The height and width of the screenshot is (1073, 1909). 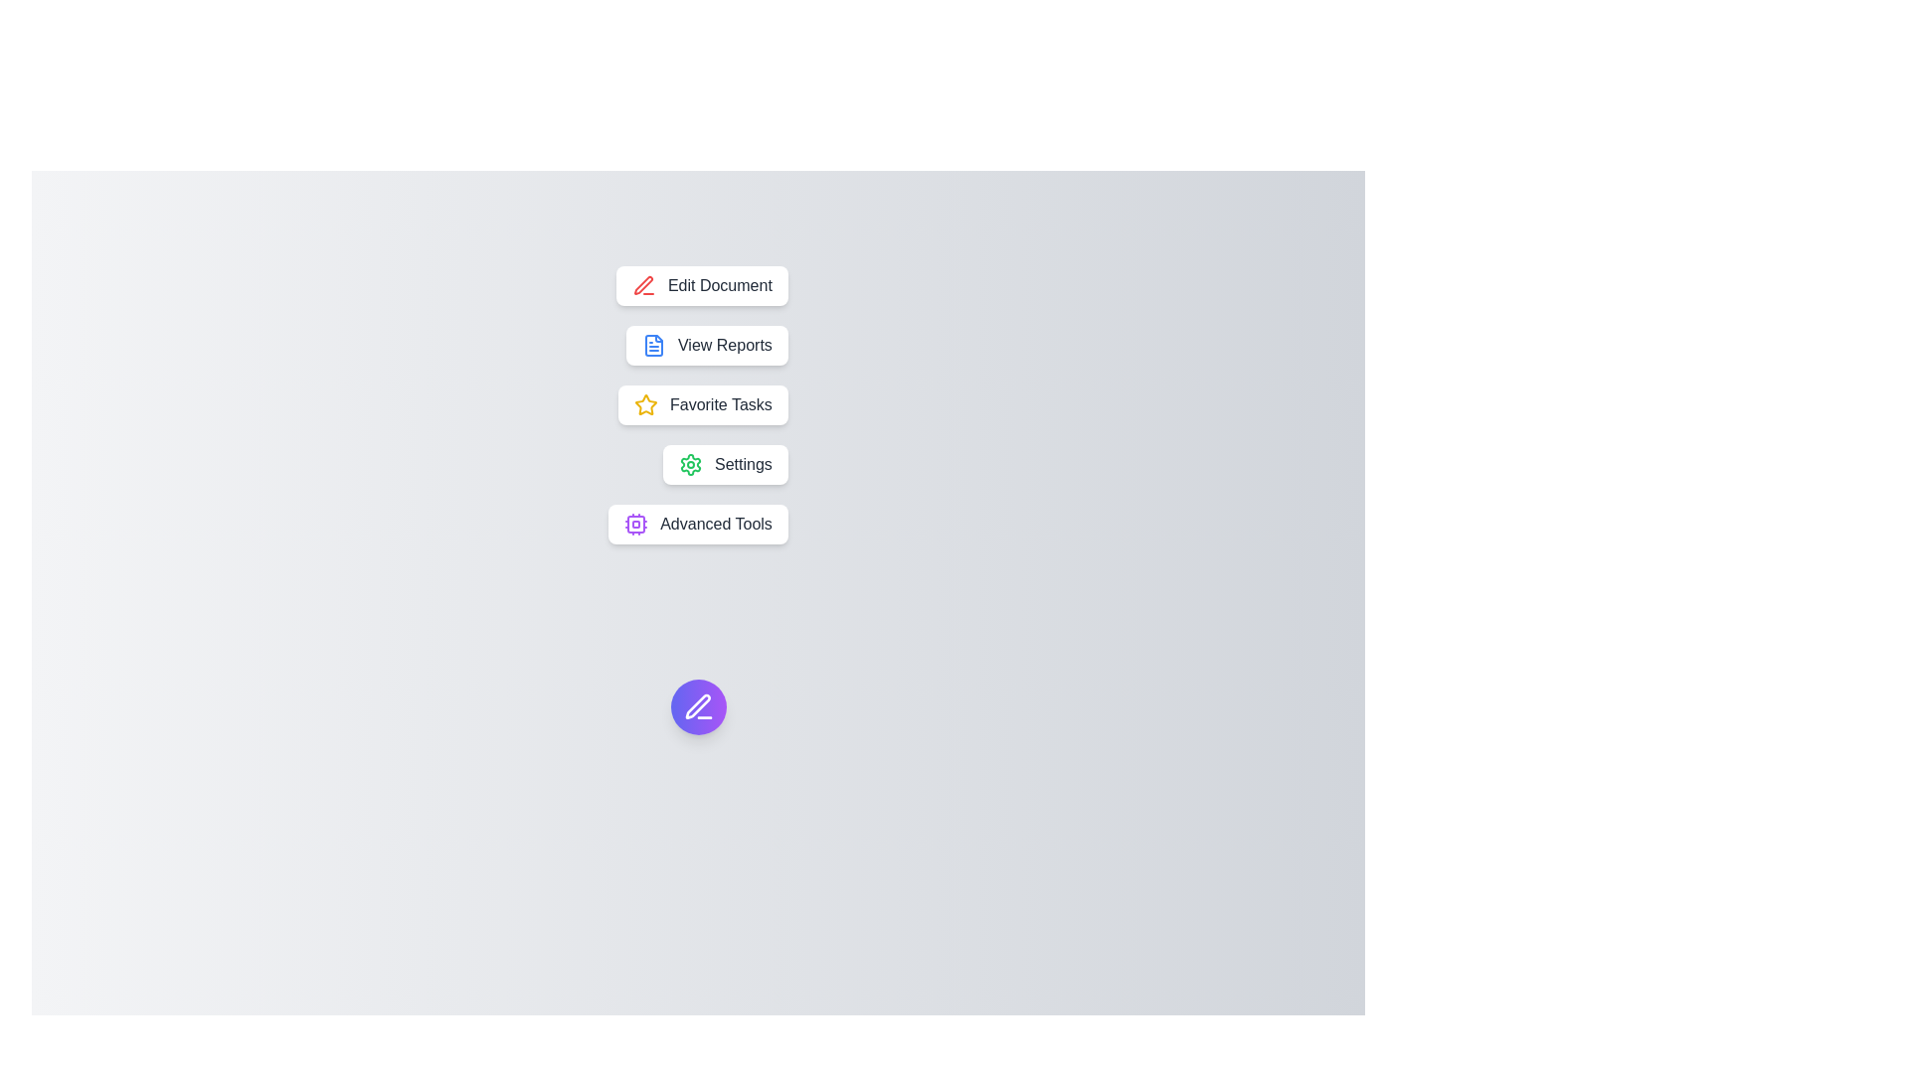 I want to click on the 'Edit Document' button, so click(x=702, y=286).